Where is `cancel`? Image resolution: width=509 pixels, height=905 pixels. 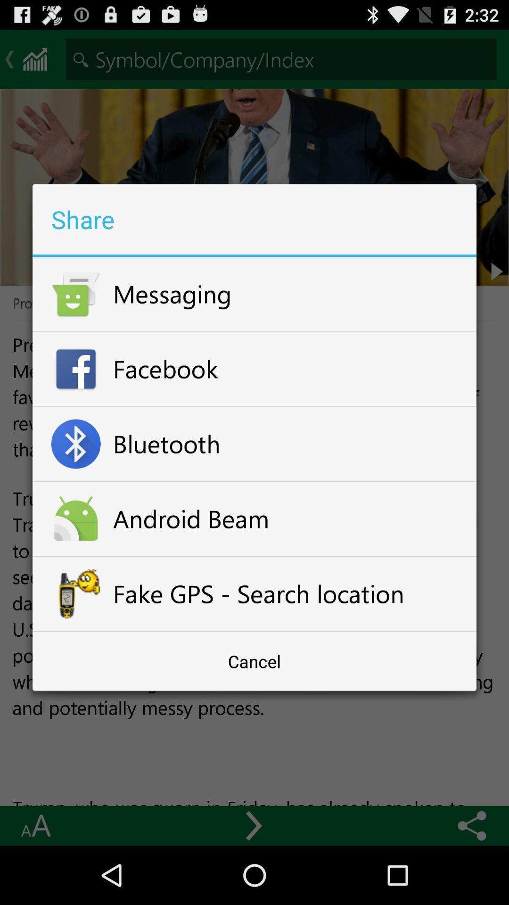
cancel is located at coordinates (254, 661).